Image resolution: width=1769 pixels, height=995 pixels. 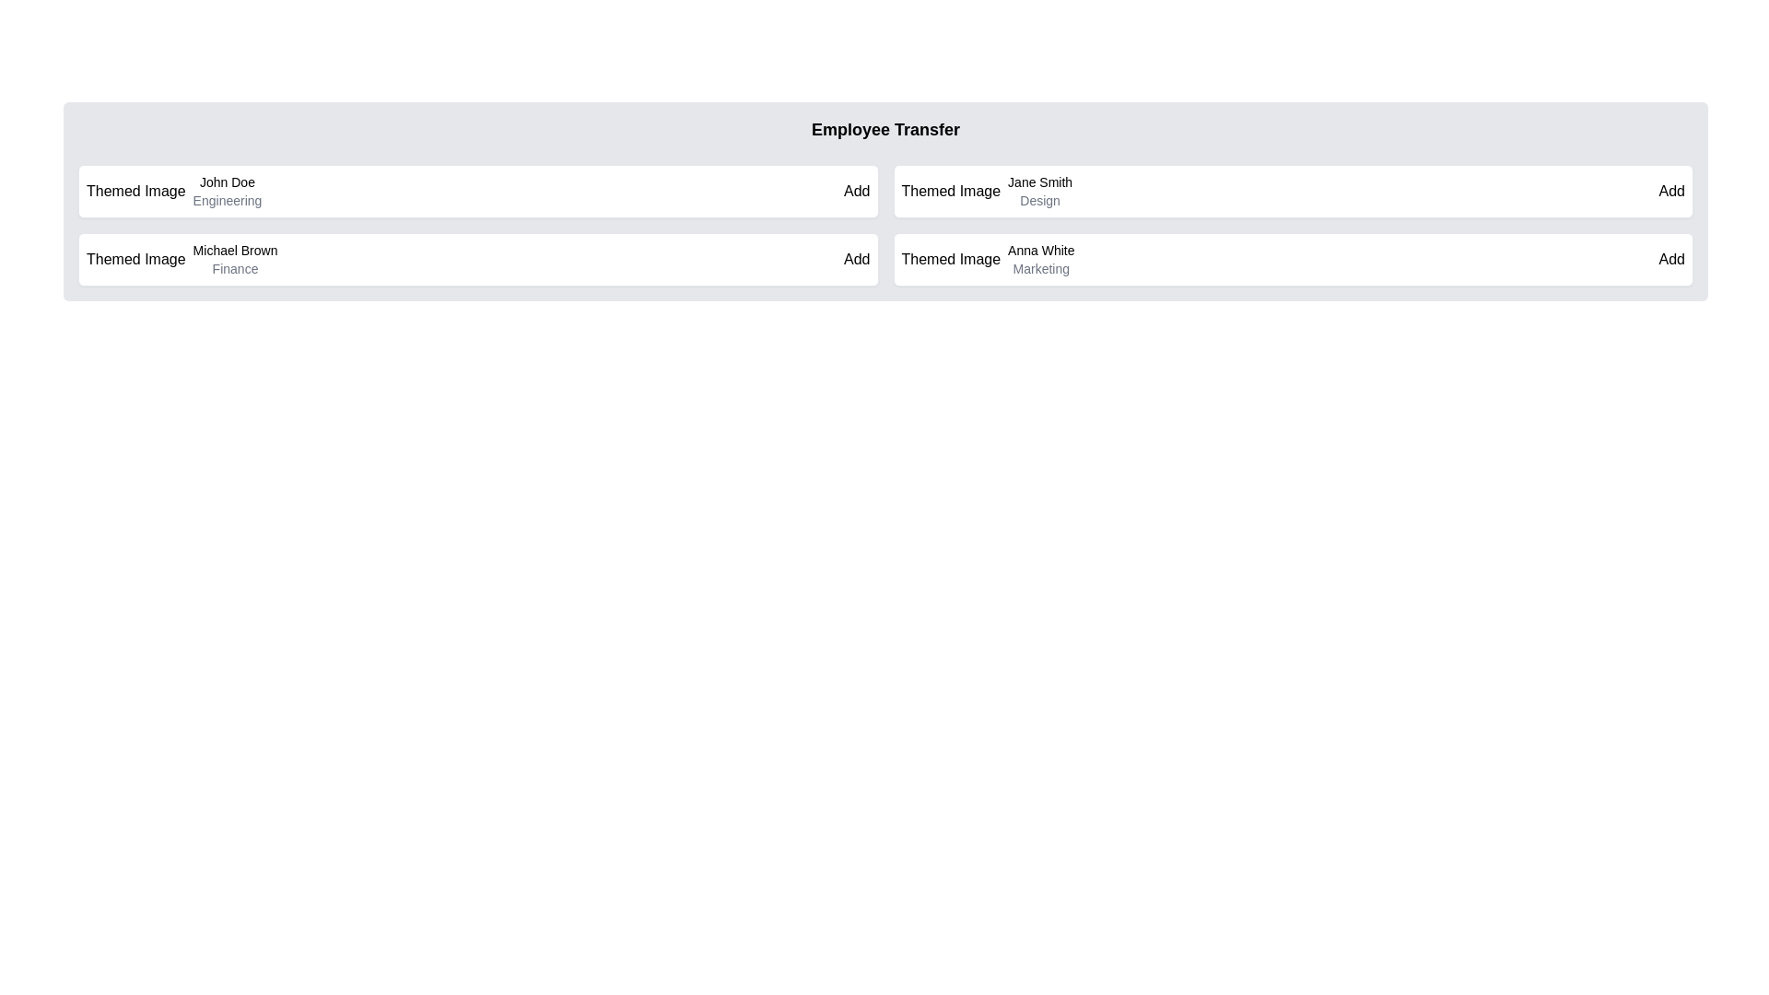 I want to click on the Static Text Label that displays 'Finance', styled with medium gray color, located below 'Michael Brown', so click(x=234, y=269).